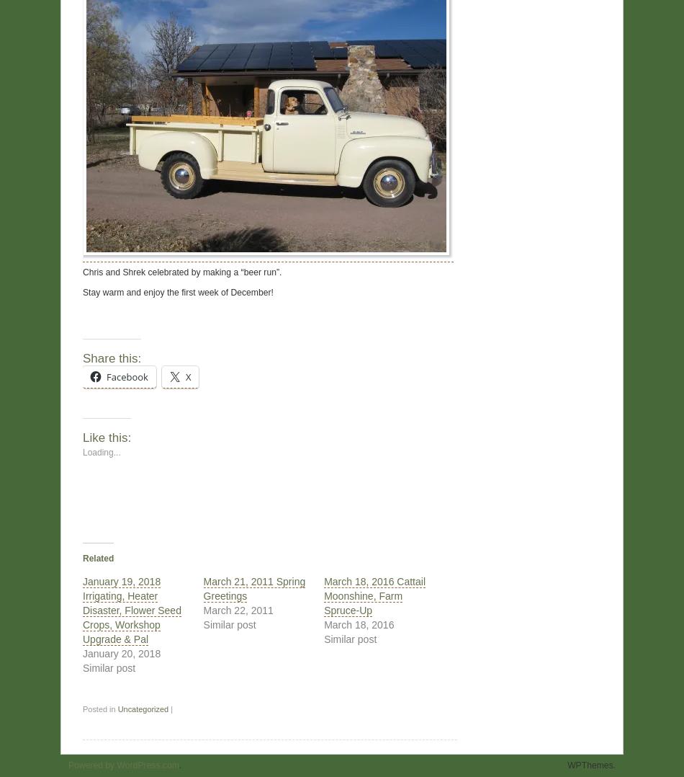 This screenshot has width=684, height=777. Describe the element at coordinates (101, 450) in the screenshot. I see `'Loading...'` at that location.